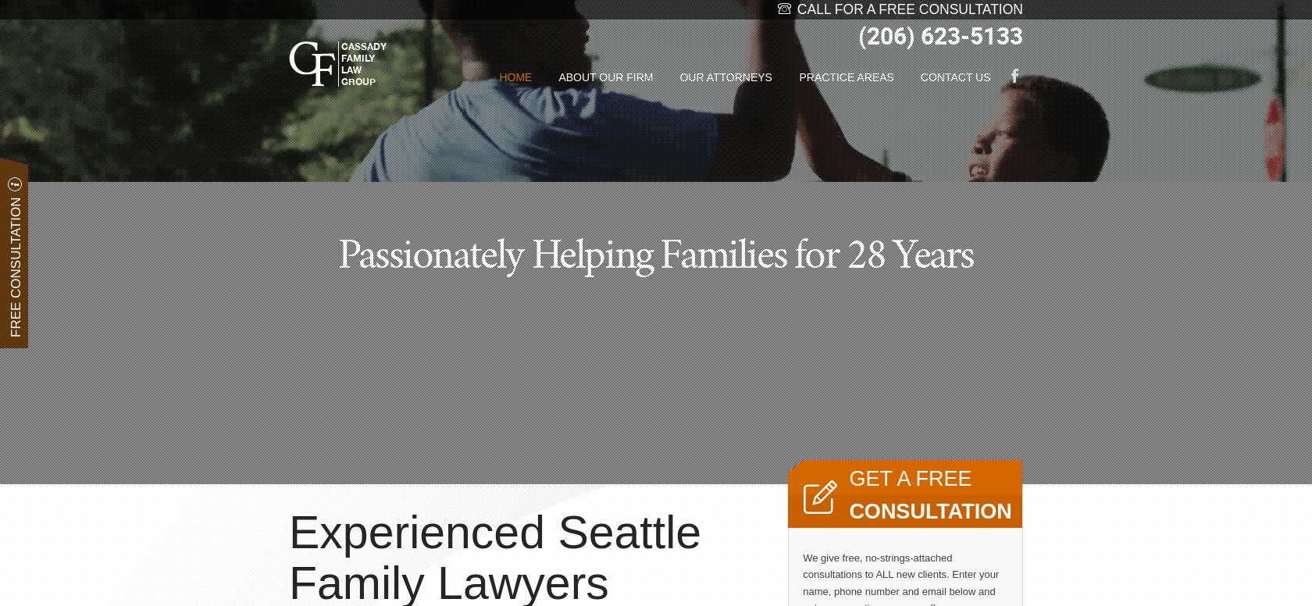 The image size is (1312, 606). I want to click on 'Get a free', so click(848, 478).